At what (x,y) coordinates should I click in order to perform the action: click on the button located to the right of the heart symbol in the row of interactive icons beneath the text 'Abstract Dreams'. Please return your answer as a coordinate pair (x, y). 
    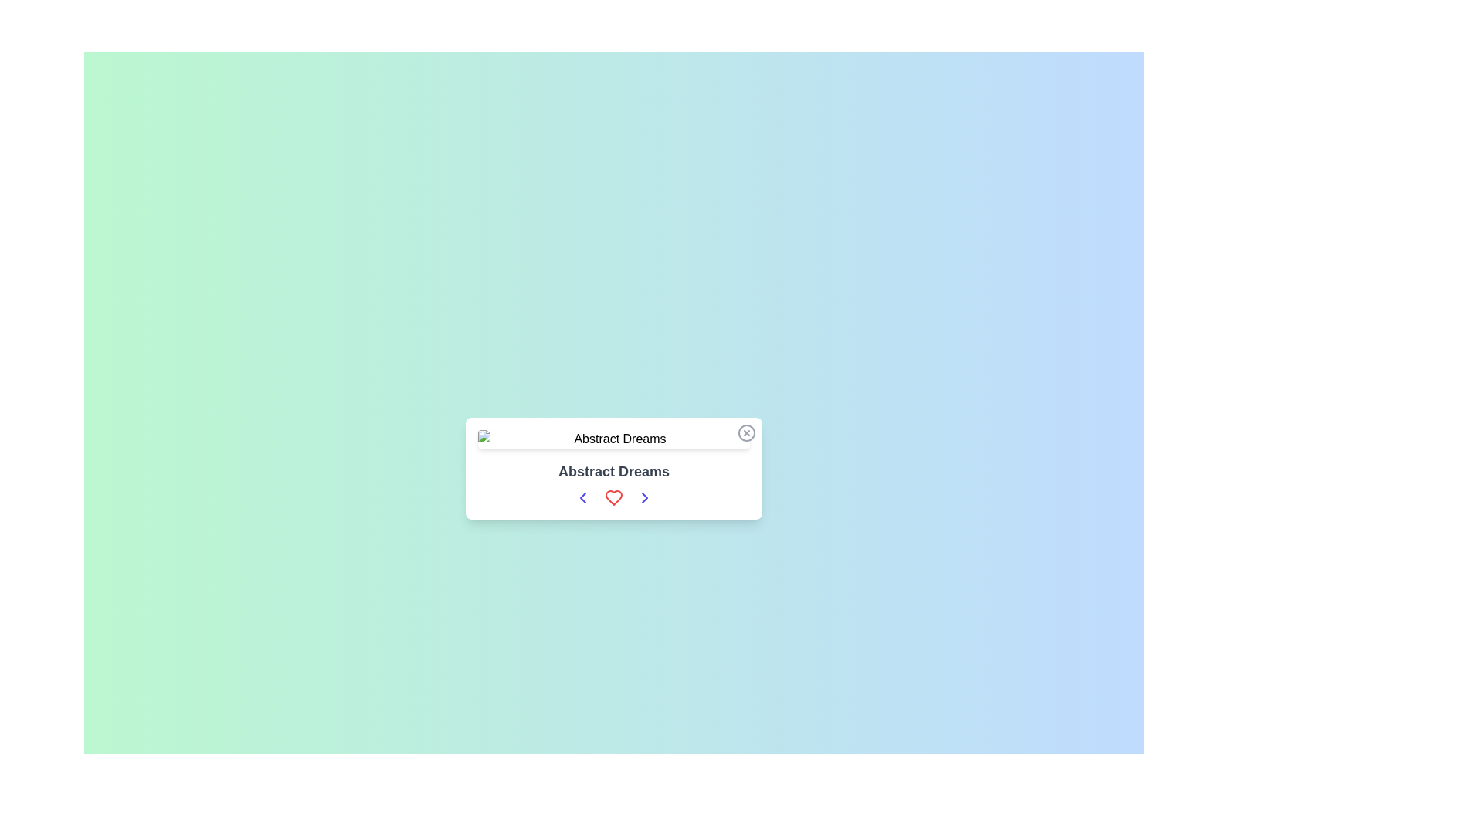
    Looking at the image, I should click on (645, 497).